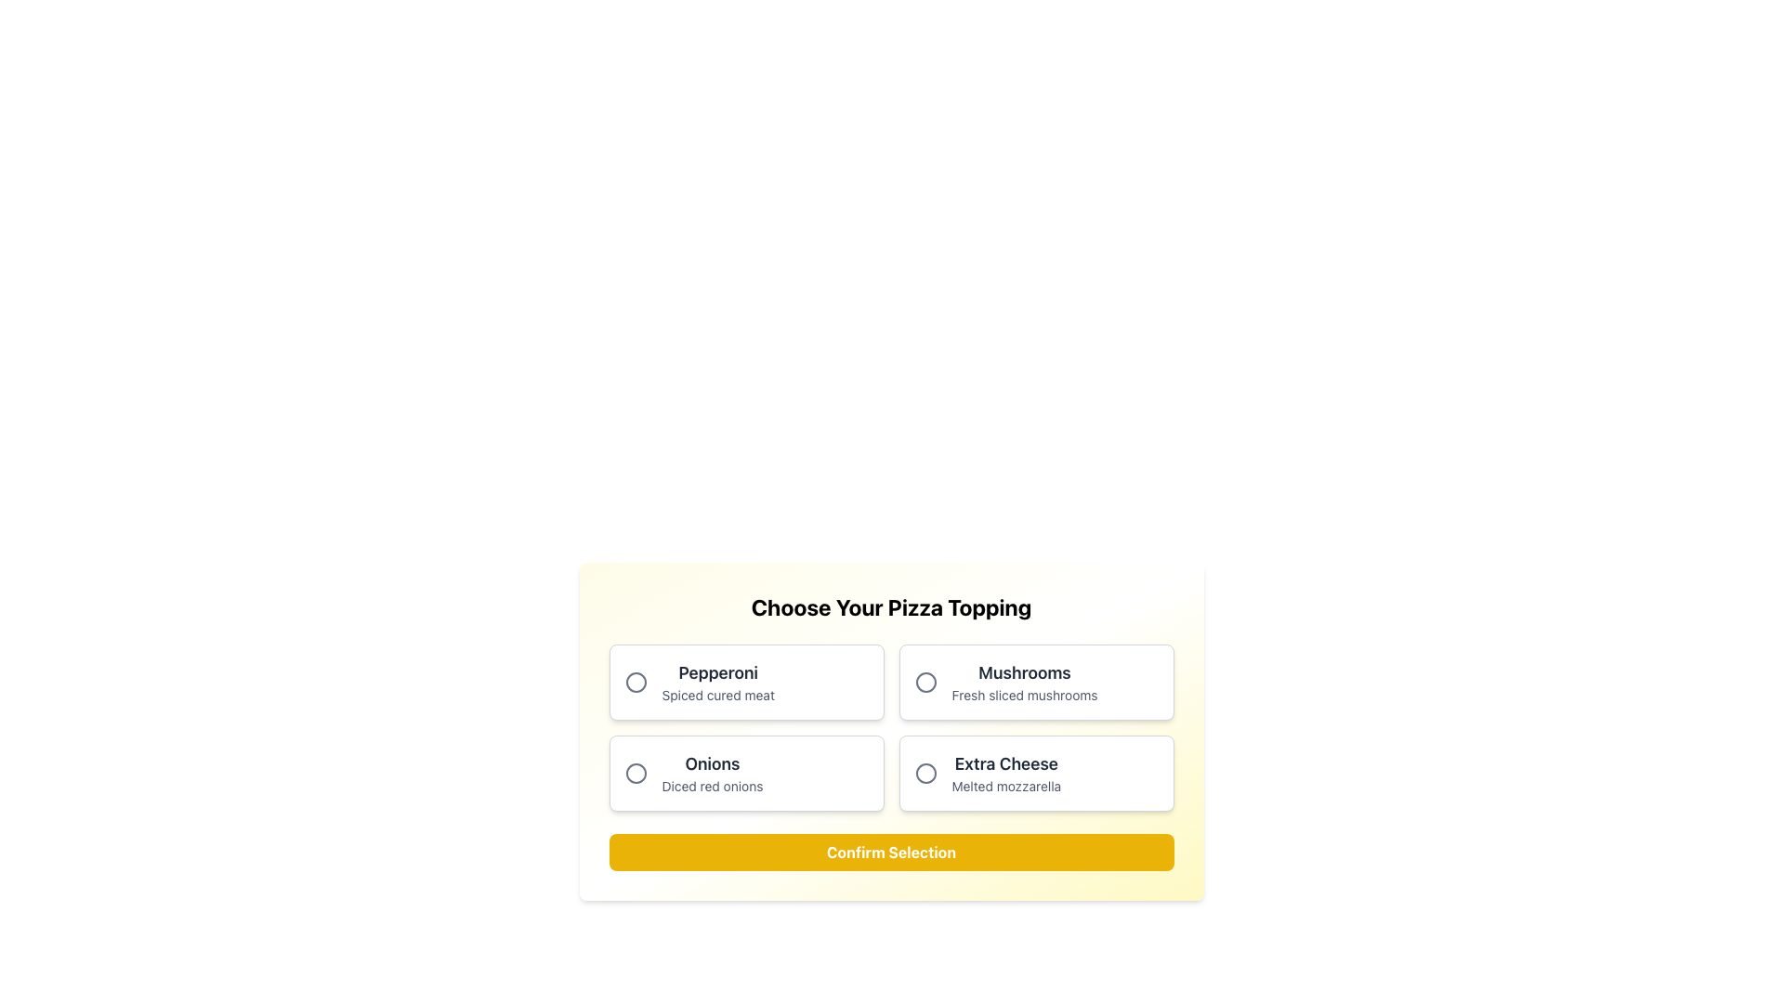  What do you see at coordinates (890, 853) in the screenshot?
I see `the rectangular button with a yellow background and bold white text reading 'Confirm Selection' located at the bottom of the 'Choose Your Pizza Topping' section to change its color` at bounding box center [890, 853].